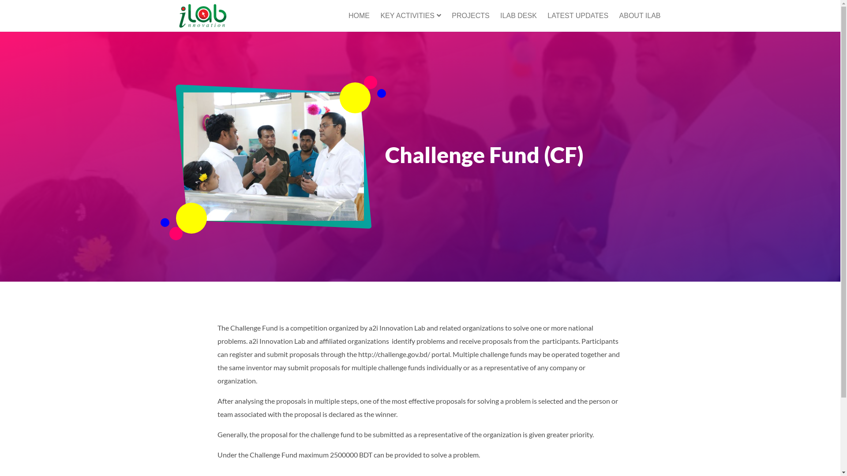 The image size is (847, 476). Describe the element at coordinates (640, 15) in the screenshot. I see `'ABOUT ILAB'` at that location.